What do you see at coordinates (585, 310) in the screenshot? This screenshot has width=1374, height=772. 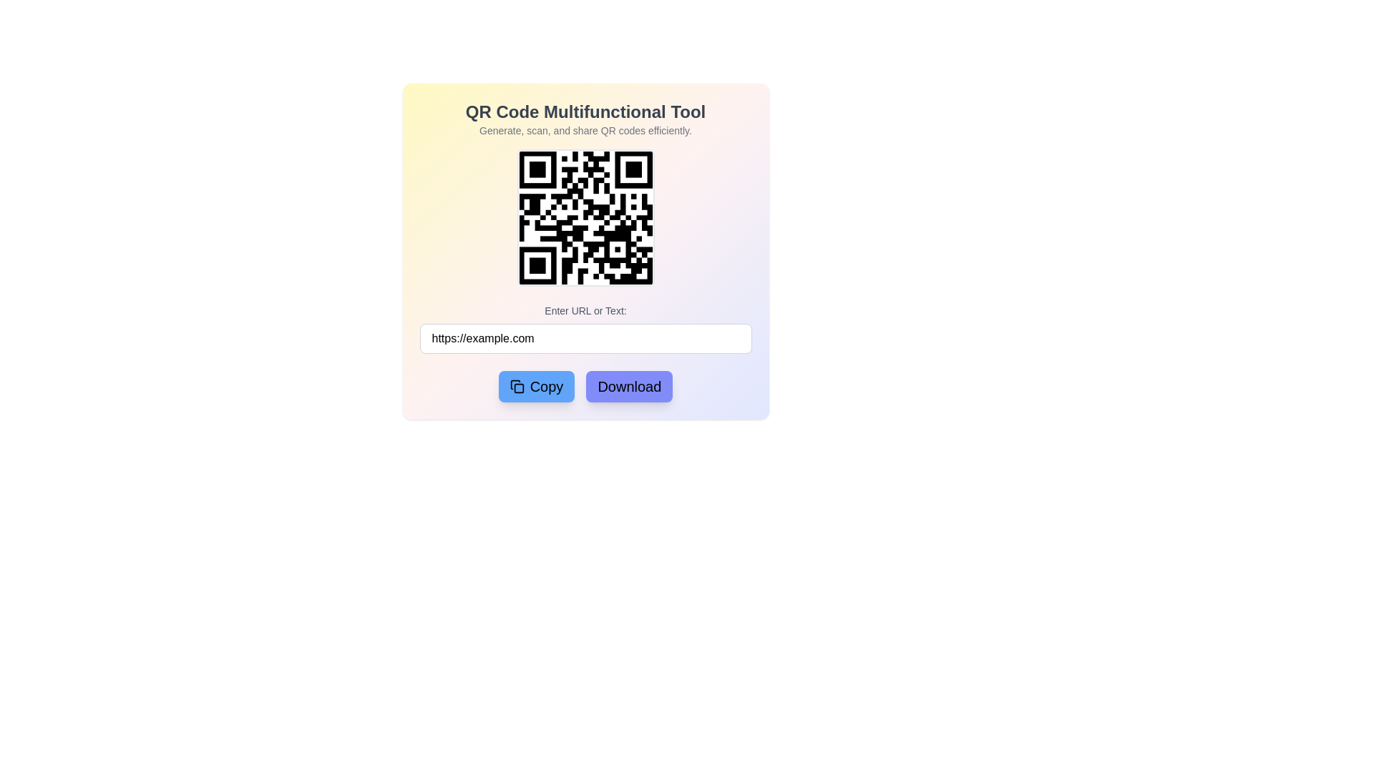 I see `the text label displaying 'Enter URL or Text:' which is styled in gray and positioned above the input field` at bounding box center [585, 310].